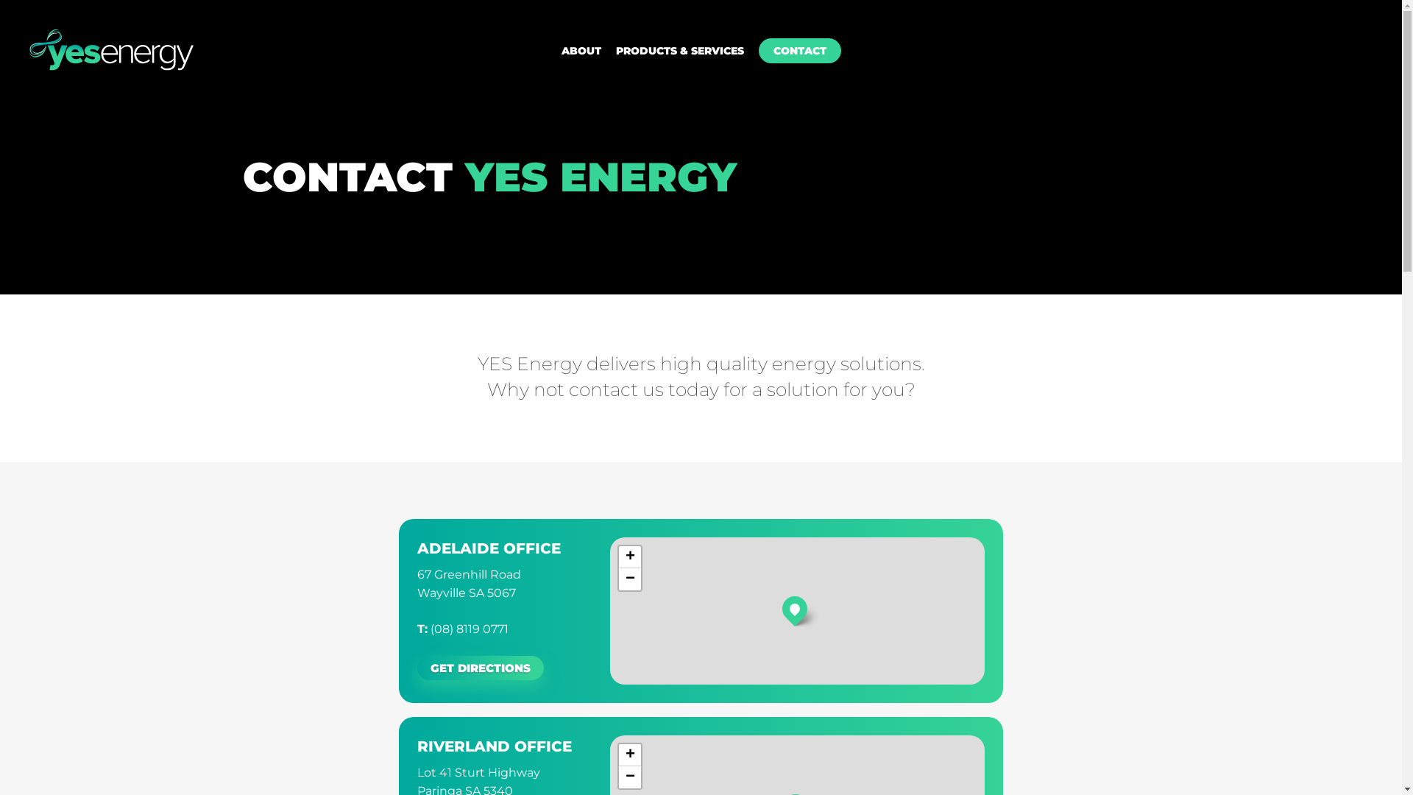 This screenshot has width=1413, height=795. What do you see at coordinates (1365, 7) in the screenshot?
I see `'Menu'` at bounding box center [1365, 7].